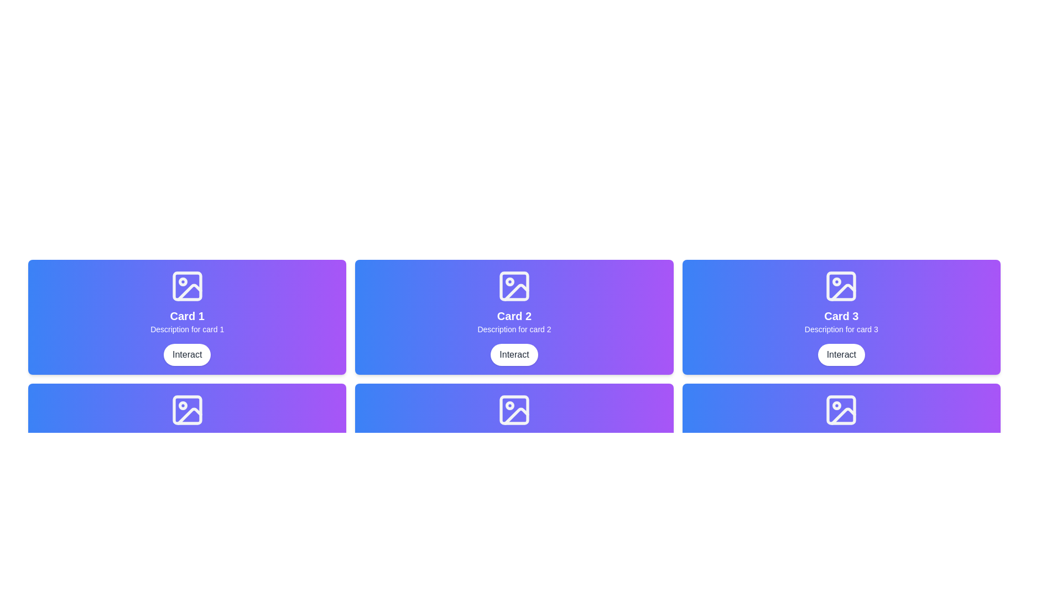  Describe the element at coordinates (187, 410) in the screenshot. I see `the minimalistic gray image icon representing a mountain and sun, located at the top section of the first card in a horizontally aligned grid` at that location.